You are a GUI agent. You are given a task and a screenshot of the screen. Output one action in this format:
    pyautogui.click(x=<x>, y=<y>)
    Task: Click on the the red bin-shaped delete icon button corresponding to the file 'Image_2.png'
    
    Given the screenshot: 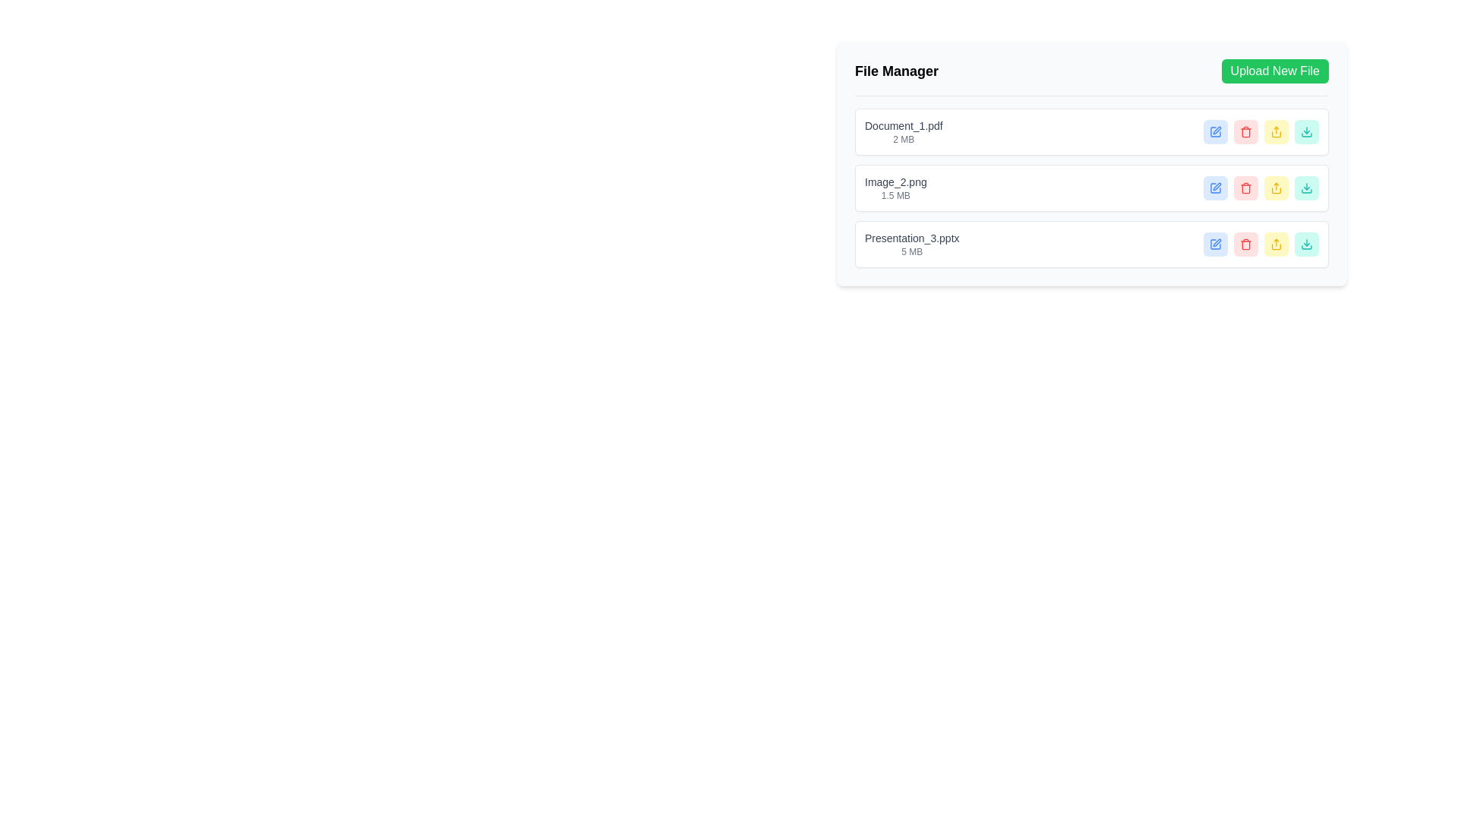 What is the action you would take?
    pyautogui.click(x=1246, y=131)
    